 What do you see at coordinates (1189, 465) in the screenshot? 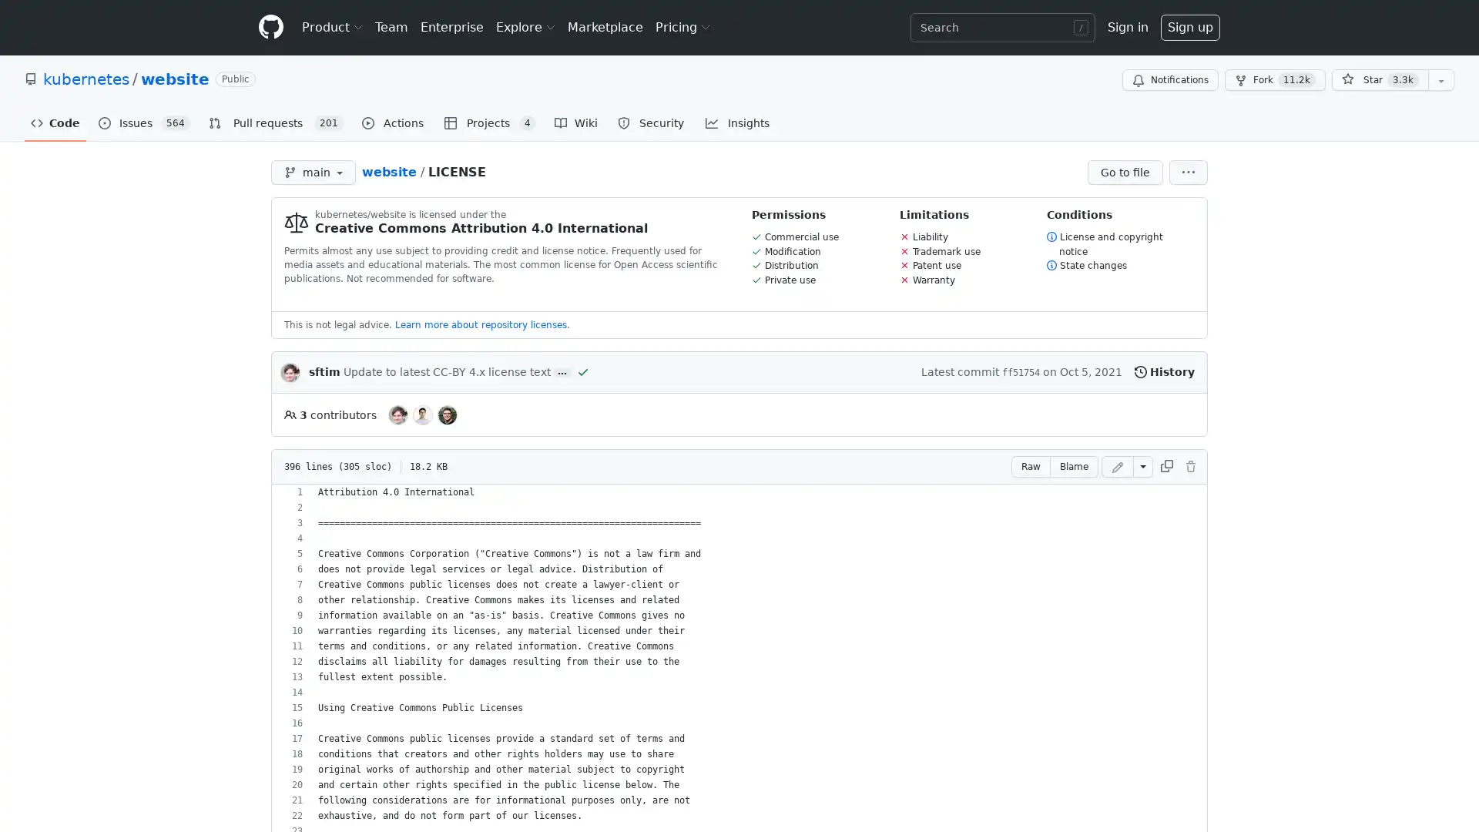
I see `You must be signed in to make or propose changes` at bounding box center [1189, 465].